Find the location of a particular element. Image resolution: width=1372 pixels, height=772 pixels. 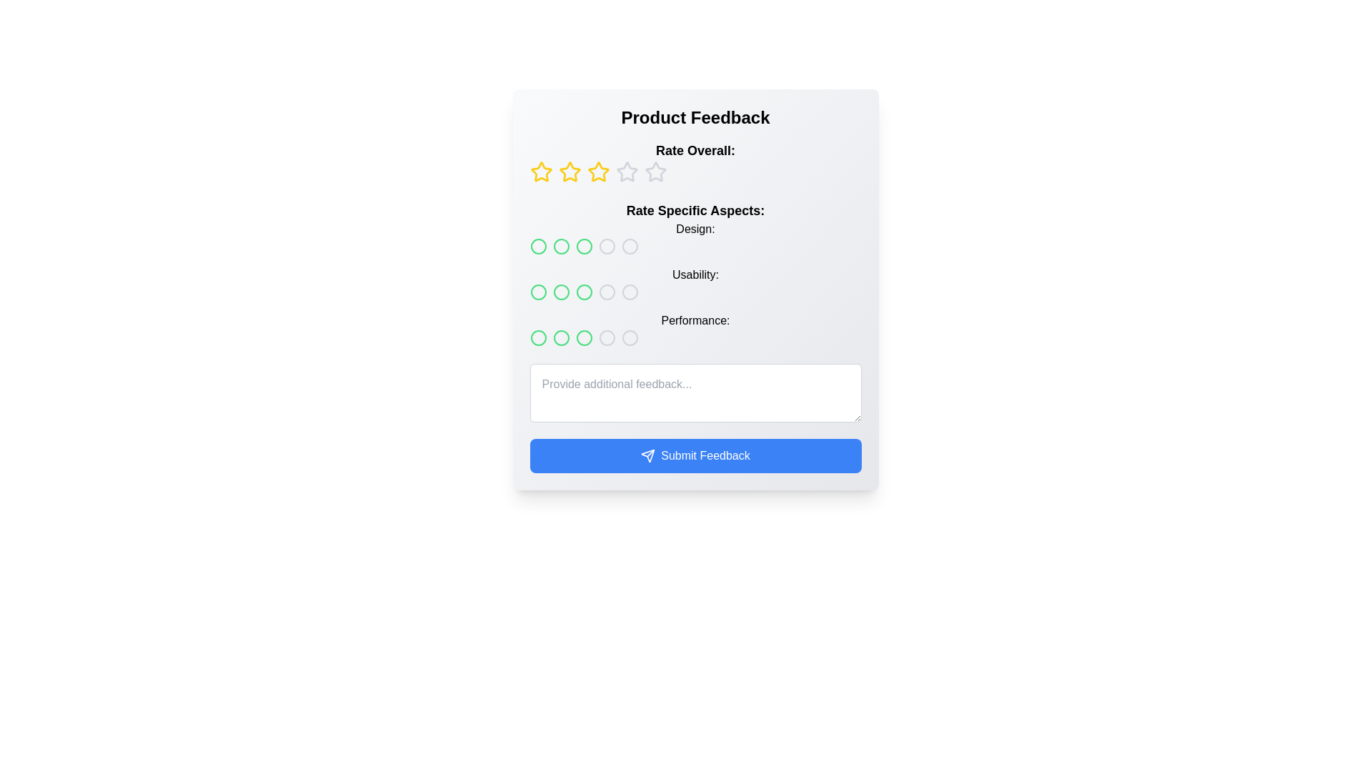

the fourth circular rating selector icon in the 'Rate Specific Aspects' section under 'Performance' is located at coordinates (629, 338).